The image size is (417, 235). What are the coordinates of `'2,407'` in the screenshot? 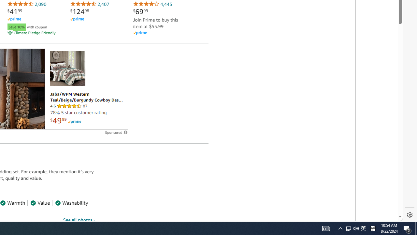 It's located at (89, 4).